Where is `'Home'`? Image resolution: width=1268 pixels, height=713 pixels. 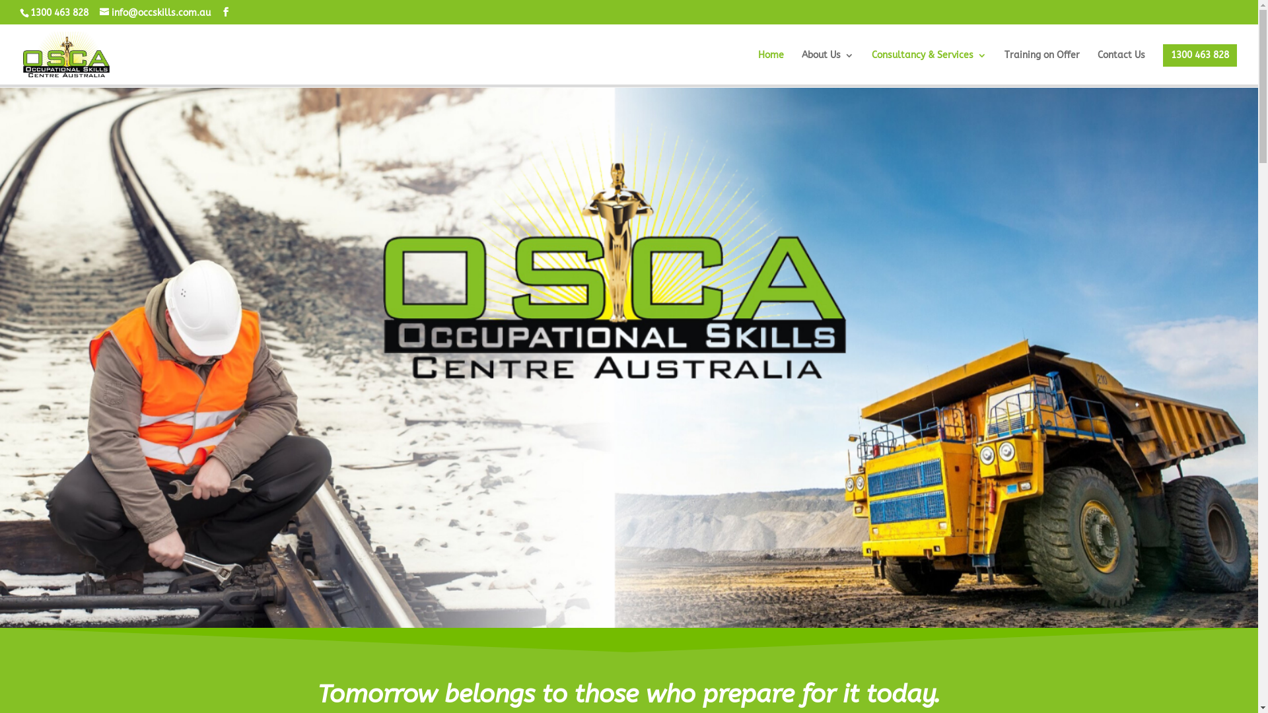 'Home' is located at coordinates (771, 65).